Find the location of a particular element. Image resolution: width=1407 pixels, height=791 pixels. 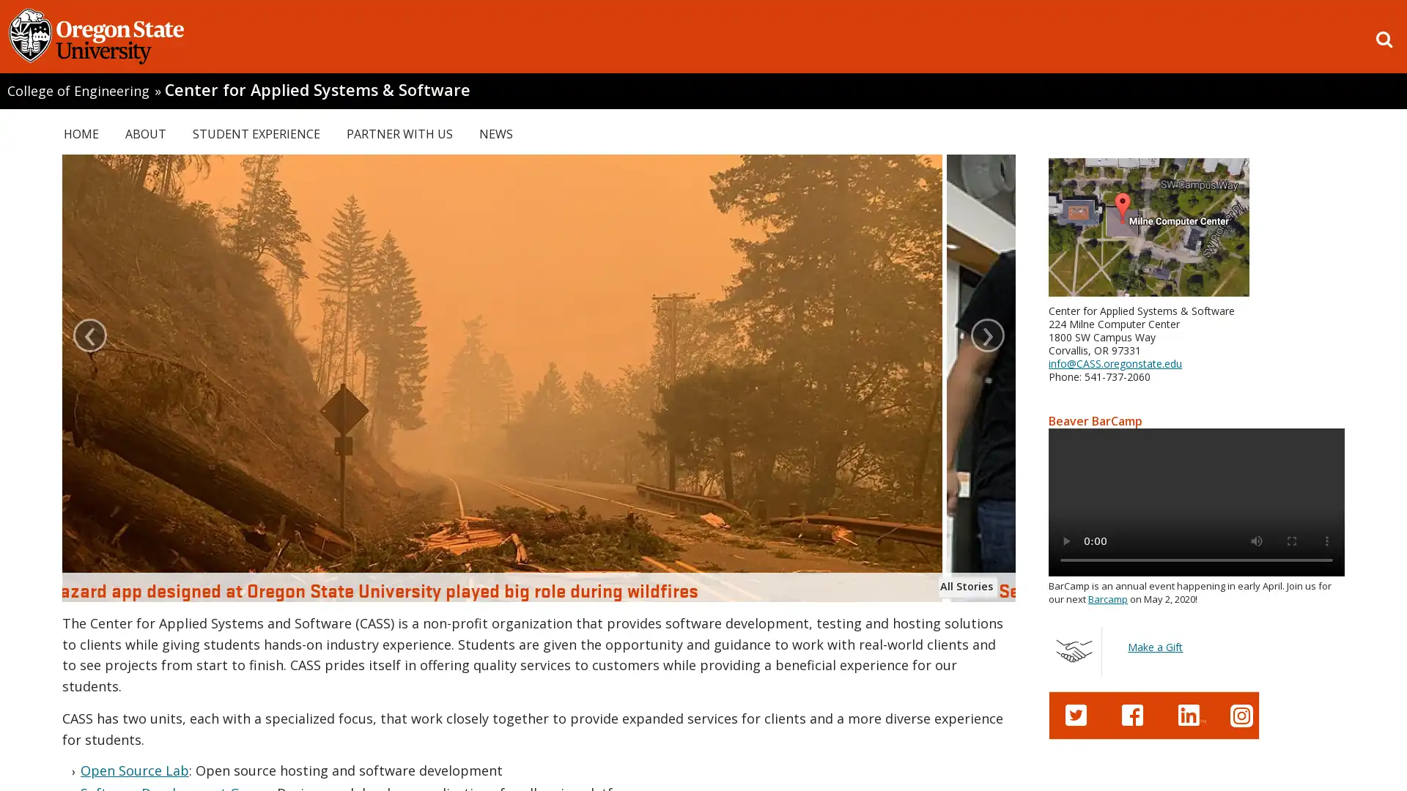

show more media controls is located at coordinates (1326, 540).